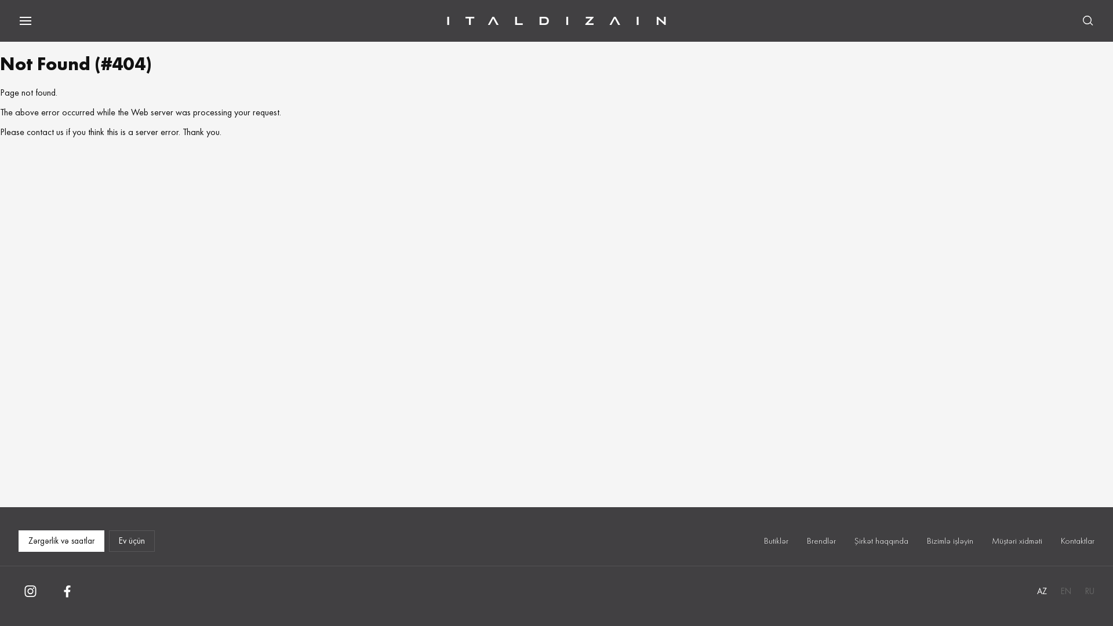 The width and height of the screenshot is (1113, 626). Describe the element at coordinates (1076, 541) in the screenshot. I see `'Kontaktlar'` at that location.